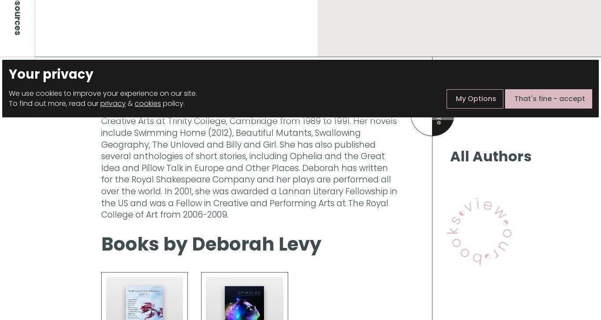 The width and height of the screenshot is (601, 320). Describe the element at coordinates (455, 98) in the screenshot. I see `'My Options'` at that location.